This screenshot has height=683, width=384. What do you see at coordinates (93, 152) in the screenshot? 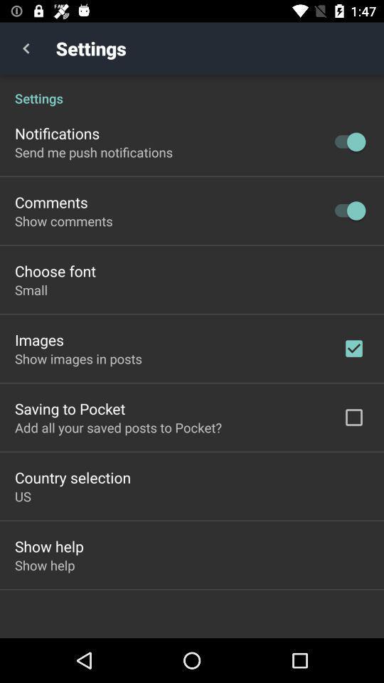
I see `the send me push item` at bounding box center [93, 152].